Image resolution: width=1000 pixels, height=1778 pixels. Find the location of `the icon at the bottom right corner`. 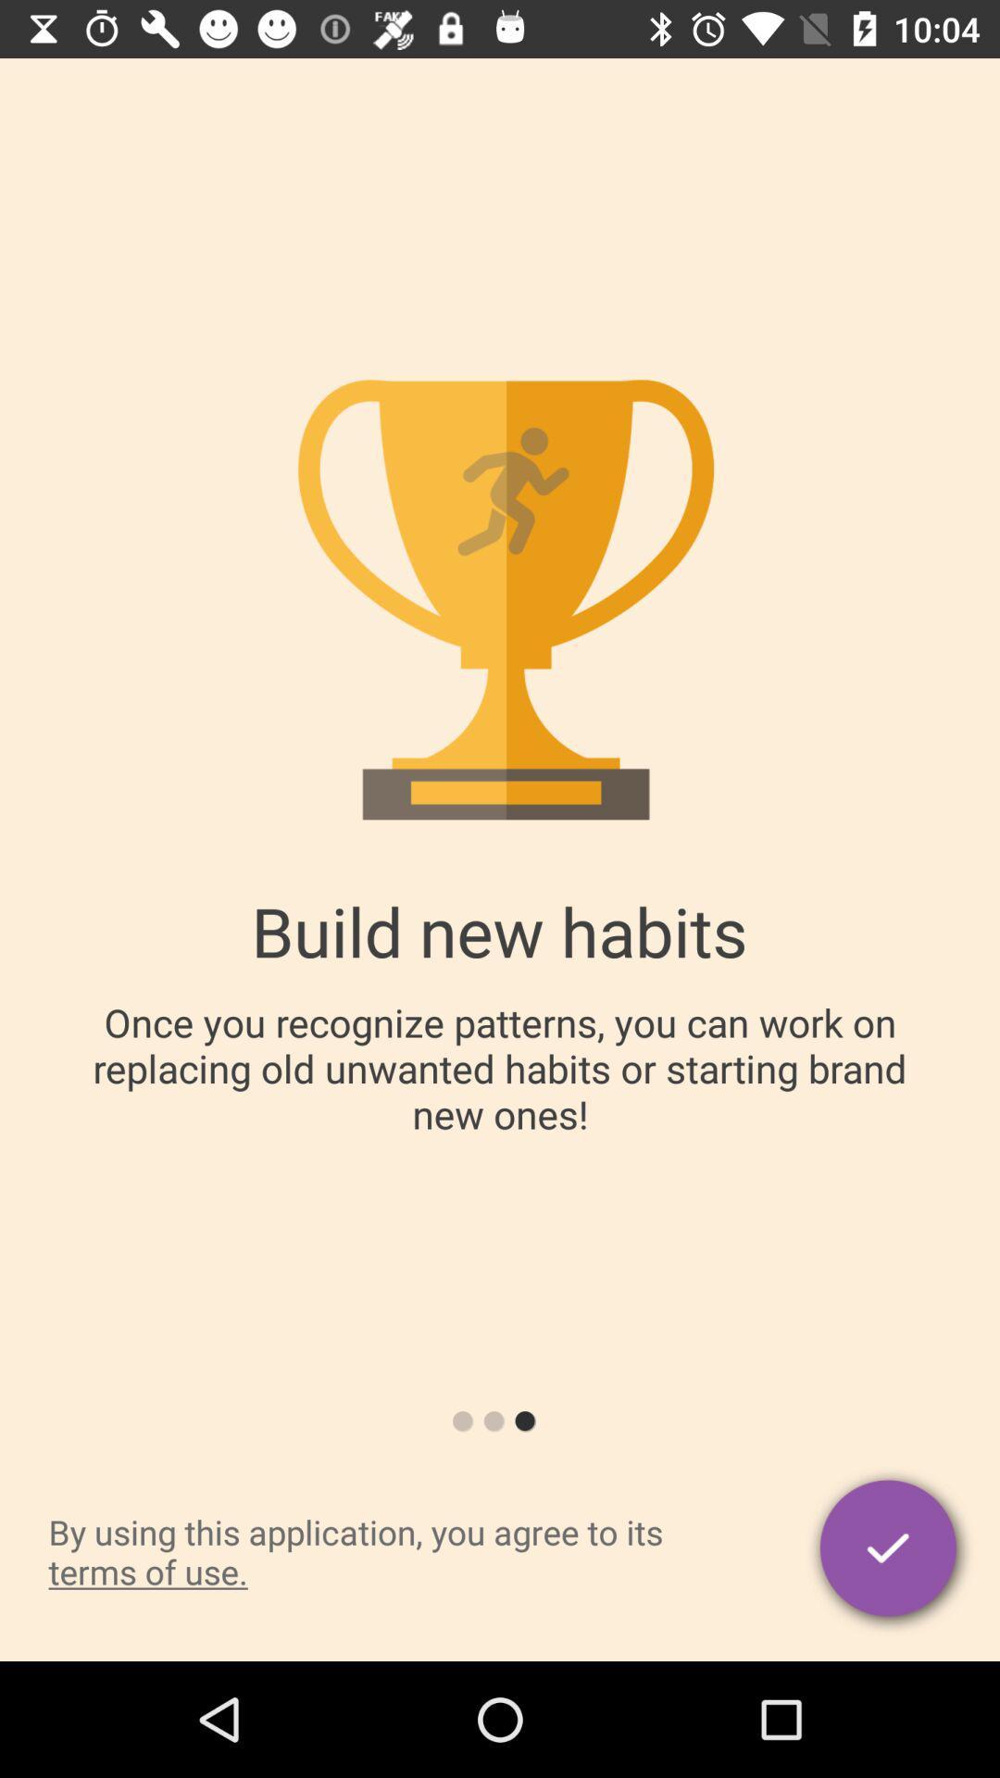

the icon at the bottom right corner is located at coordinates (889, 1551).